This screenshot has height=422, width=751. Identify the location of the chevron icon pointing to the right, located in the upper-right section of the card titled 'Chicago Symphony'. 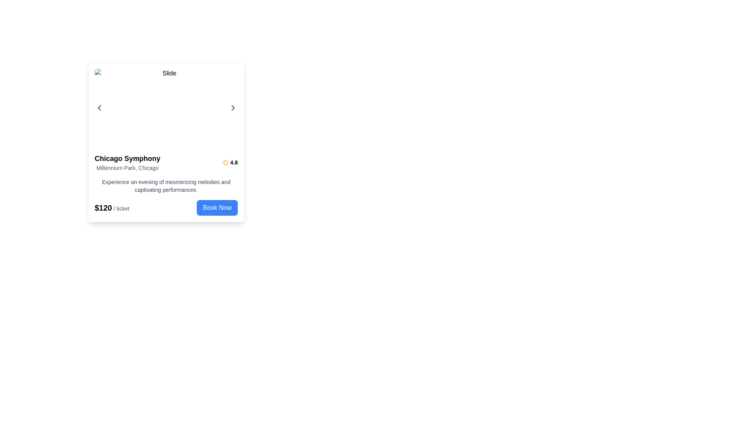
(232, 108).